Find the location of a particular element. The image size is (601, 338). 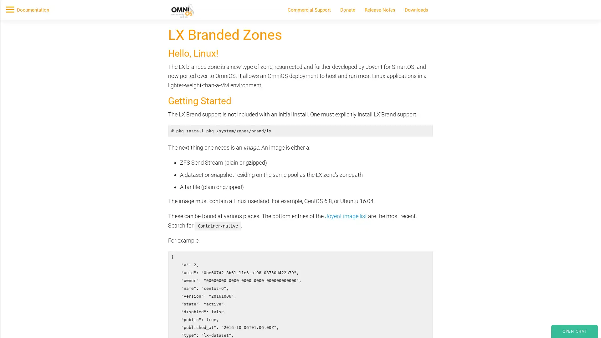

CLOSE is located at coordinates (447, 93).